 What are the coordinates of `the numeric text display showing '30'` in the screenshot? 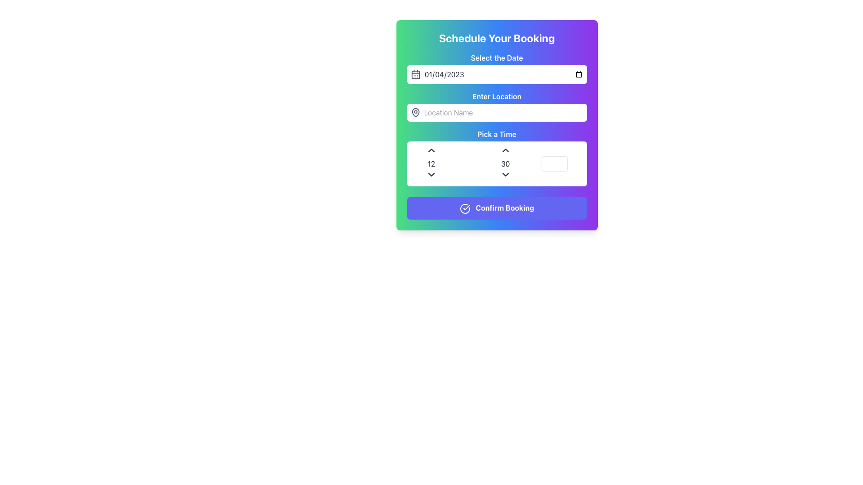 It's located at (505, 164).